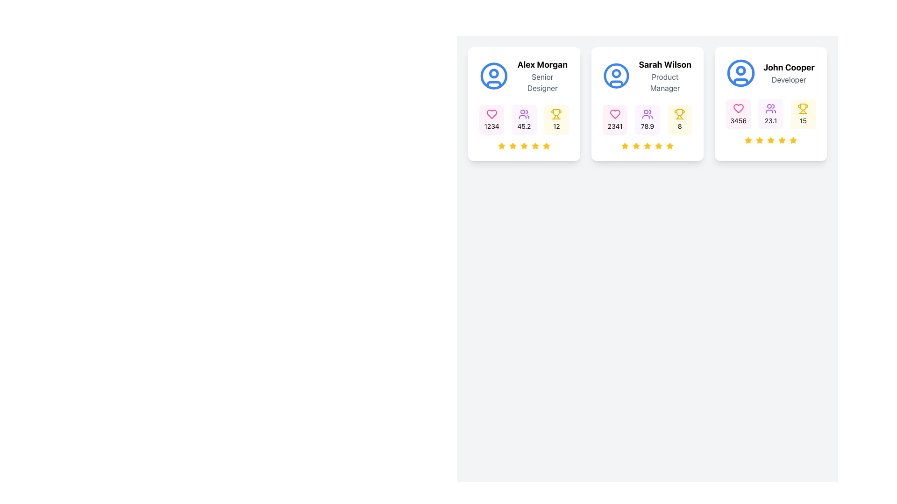 The width and height of the screenshot is (897, 504). Describe the element at coordinates (647, 114) in the screenshot. I see `the purple icon representing a group of users, located in the central card above the text '78.9' and below 'Sarah Wilson, Product Manager'` at that location.